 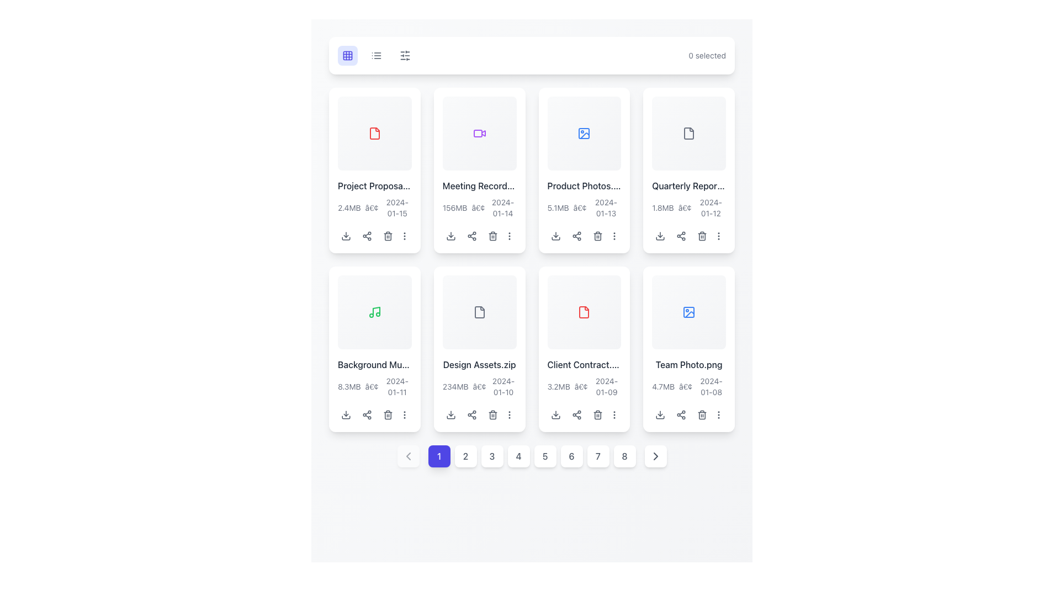 What do you see at coordinates (404, 235) in the screenshot?
I see `the circular button with a light-gray background and three vertically aligned dots located in the top-right corner of the 'Project Proposal...' card` at bounding box center [404, 235].